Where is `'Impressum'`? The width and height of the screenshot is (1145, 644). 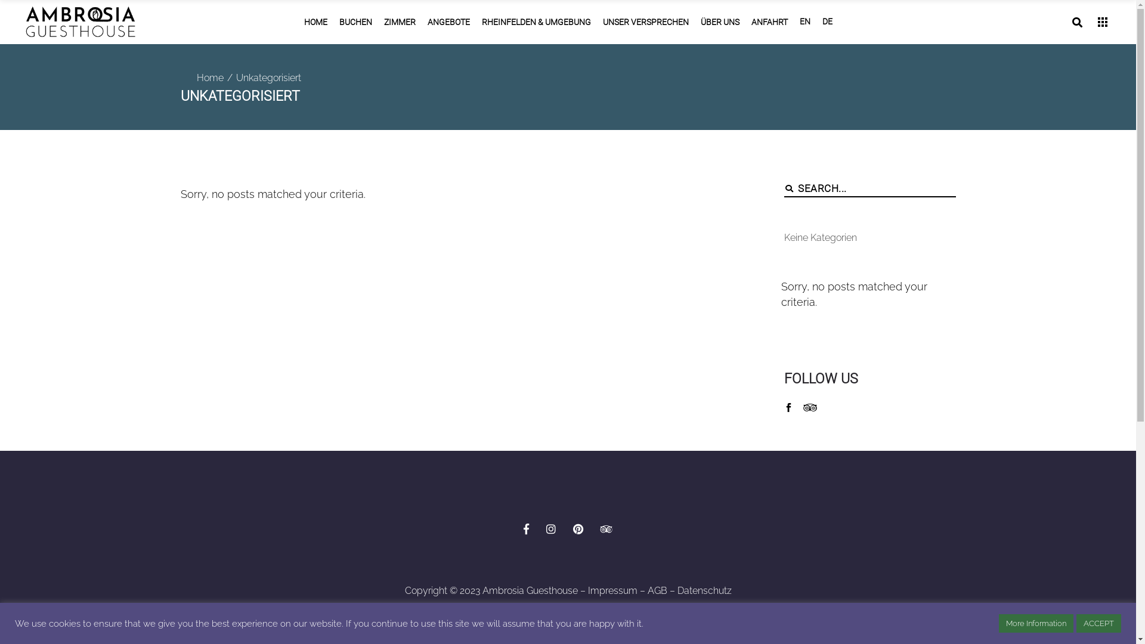 'Impressum' is located at coordinates (612, 590).